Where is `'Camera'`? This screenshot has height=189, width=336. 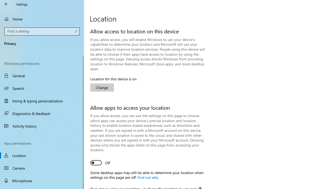 'Camera' is located at coordinates (42, 168).